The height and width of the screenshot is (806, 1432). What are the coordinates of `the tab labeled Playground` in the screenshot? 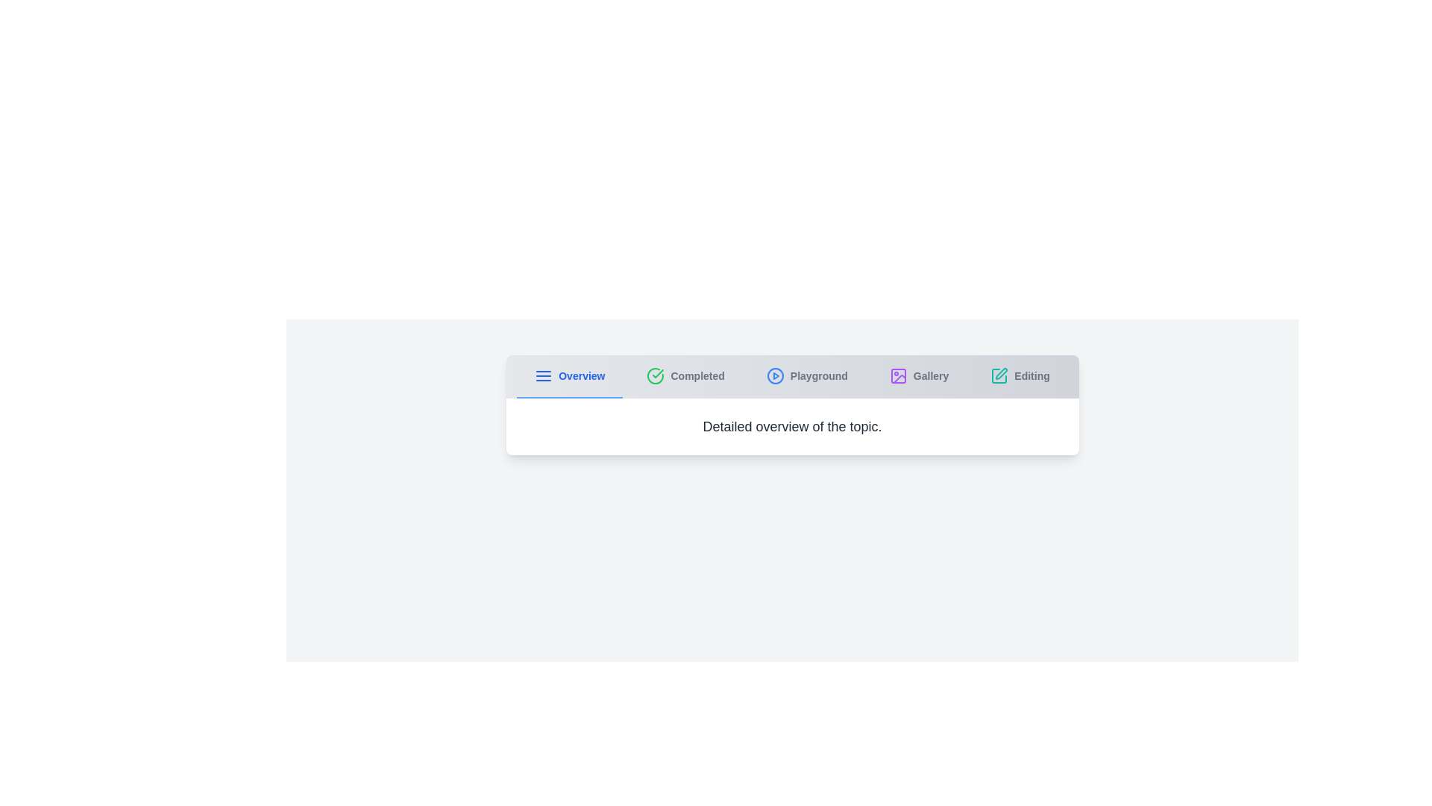 It's located at (806, 376).